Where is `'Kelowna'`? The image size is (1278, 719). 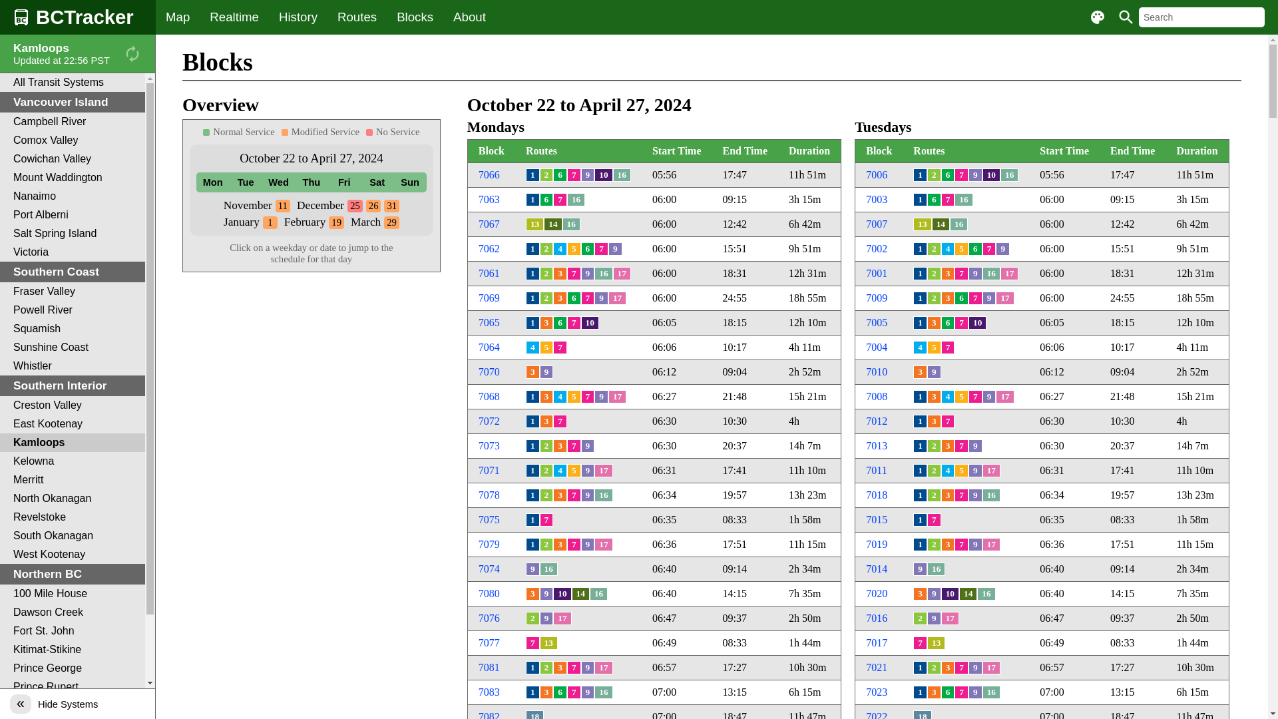
'Kelowna' is located at coordinates (0, 461).